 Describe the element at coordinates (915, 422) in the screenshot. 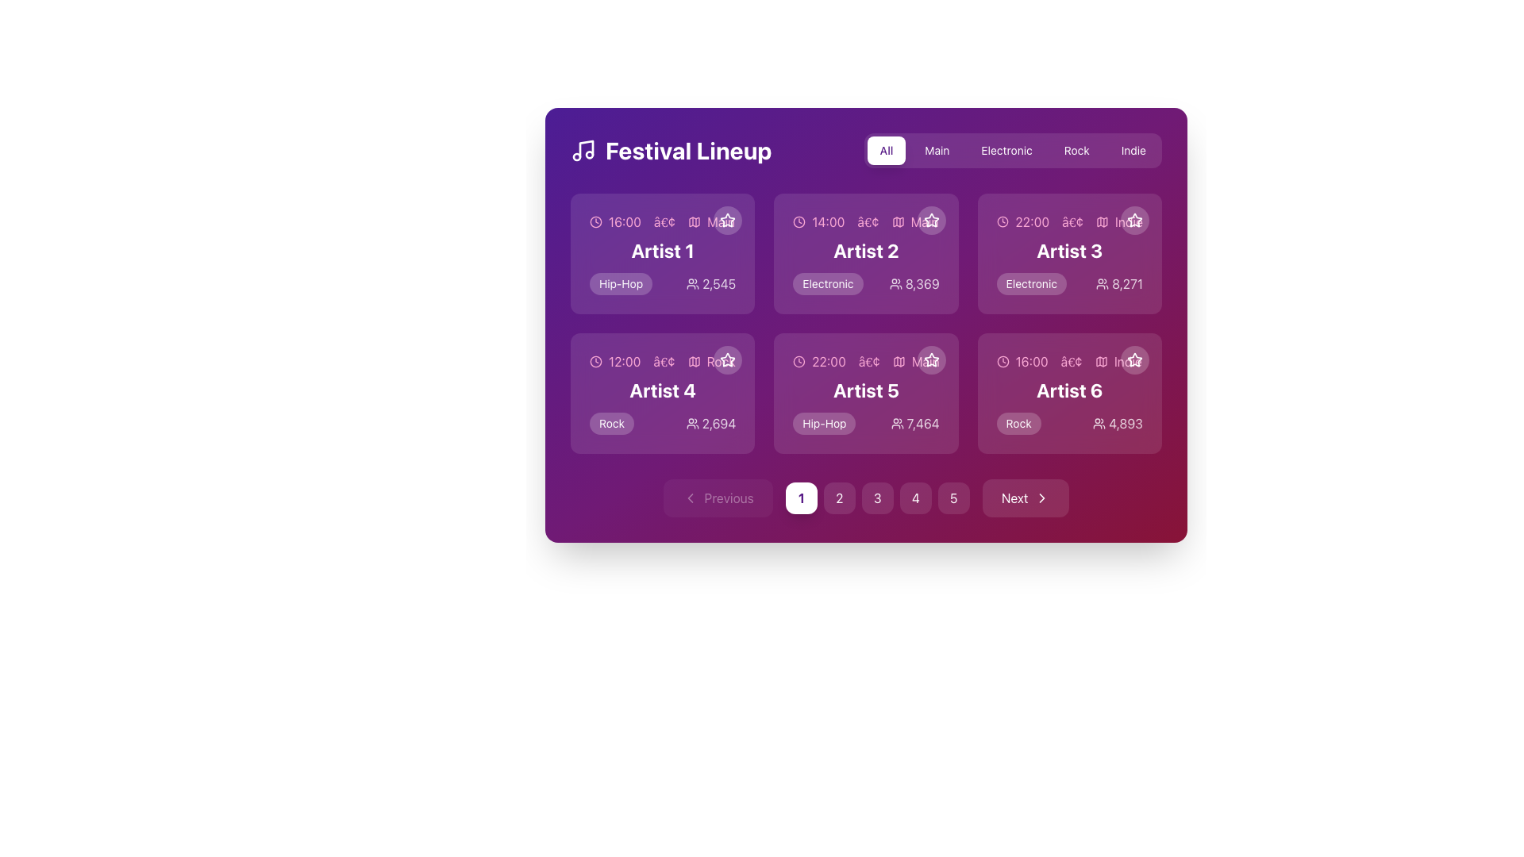

I see `the Statistic display with a group icon showing the number '7,464', located in the lower right corner of the 'Artist 5' section, right of 'Hip-Hop' and below '22:00'` at that location.